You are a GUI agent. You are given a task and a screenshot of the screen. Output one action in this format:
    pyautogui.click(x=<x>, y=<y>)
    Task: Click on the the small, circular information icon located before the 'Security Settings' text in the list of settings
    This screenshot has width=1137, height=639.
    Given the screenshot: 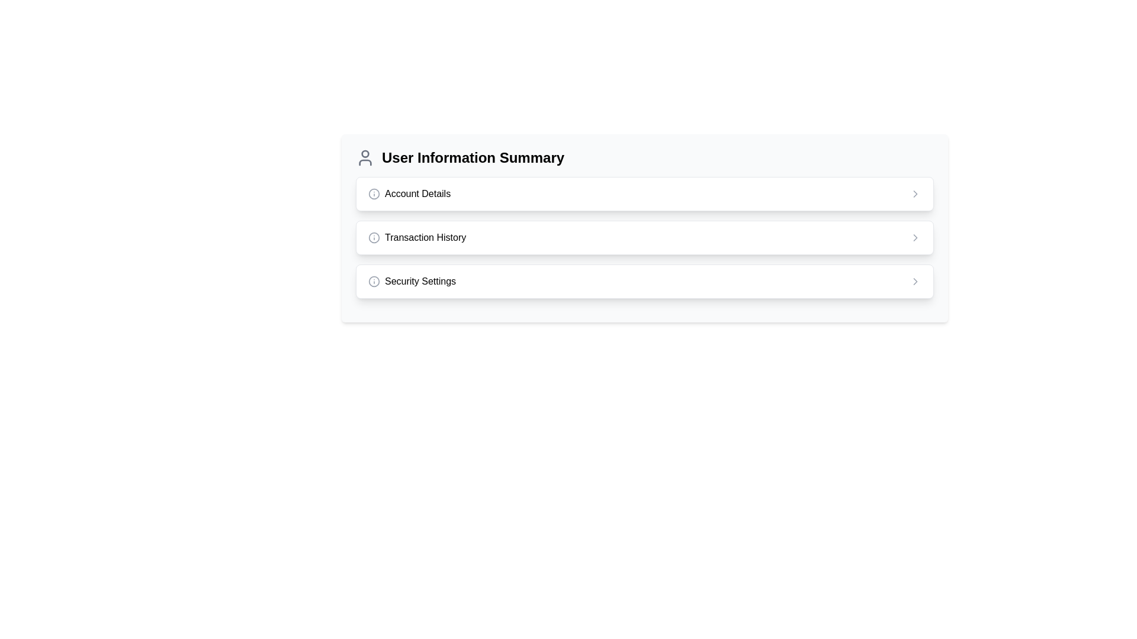 What is the action you would take?
    pyautogui.click(x=374, y=281)
    